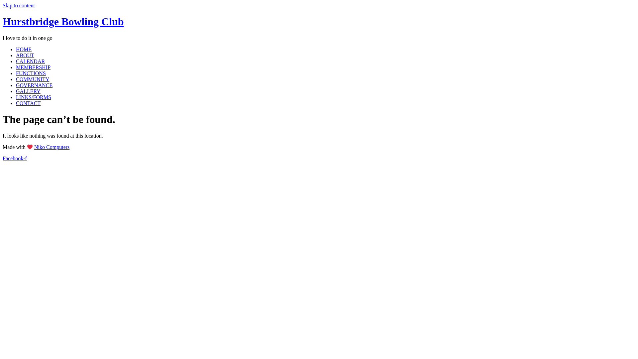  Describe the element at coordinates (28, 103) in the screenshot. I see `'CONTACT'` at that location.